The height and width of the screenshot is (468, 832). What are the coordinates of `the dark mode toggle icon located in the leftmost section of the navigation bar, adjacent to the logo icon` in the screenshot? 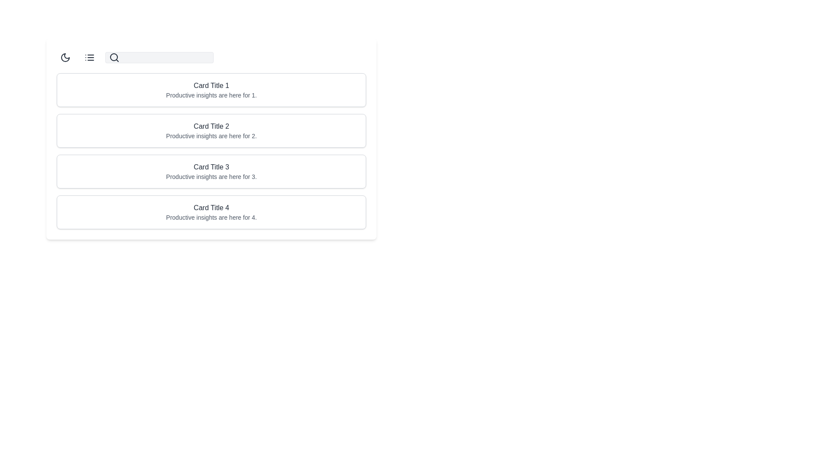 It's located at (65, 57).